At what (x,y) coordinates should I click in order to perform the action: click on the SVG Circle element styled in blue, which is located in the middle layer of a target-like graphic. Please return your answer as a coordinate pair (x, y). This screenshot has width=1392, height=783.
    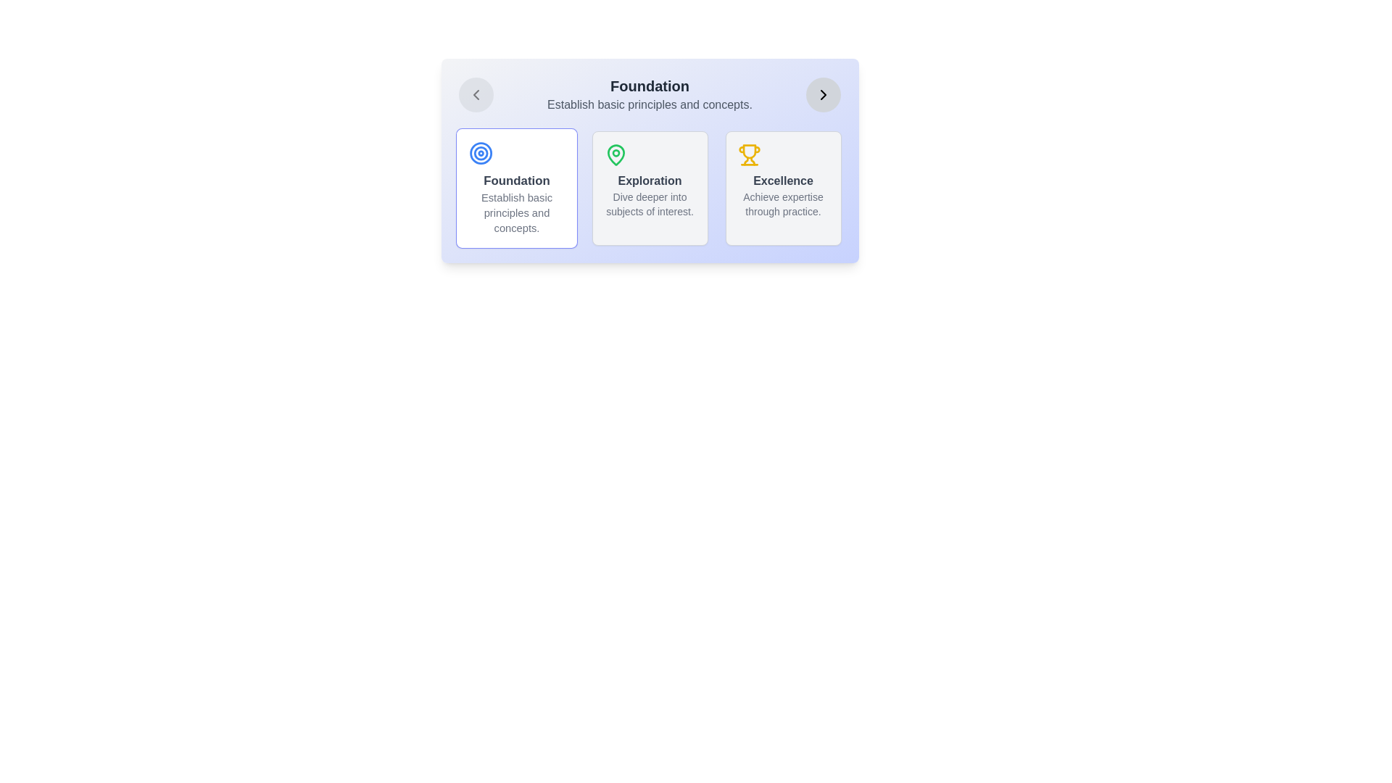
    Looking at the image, I should click on (481, 153).